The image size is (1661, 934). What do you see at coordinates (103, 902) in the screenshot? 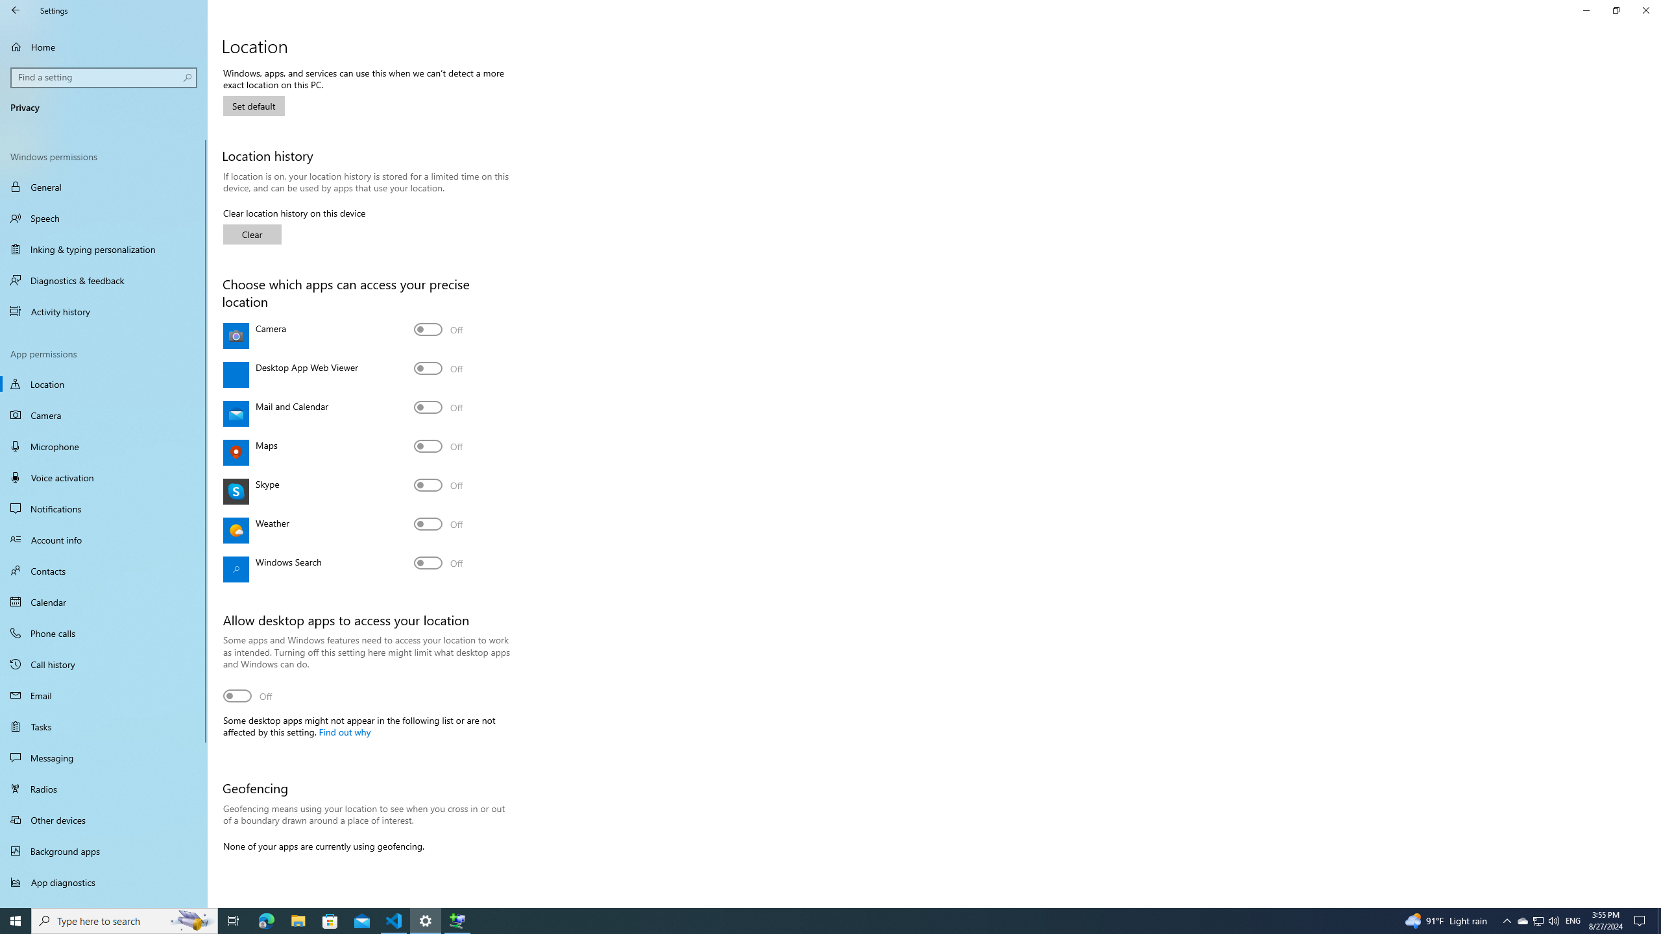
I see `'Automatic file downloads'` at bounding box center [103, 902].